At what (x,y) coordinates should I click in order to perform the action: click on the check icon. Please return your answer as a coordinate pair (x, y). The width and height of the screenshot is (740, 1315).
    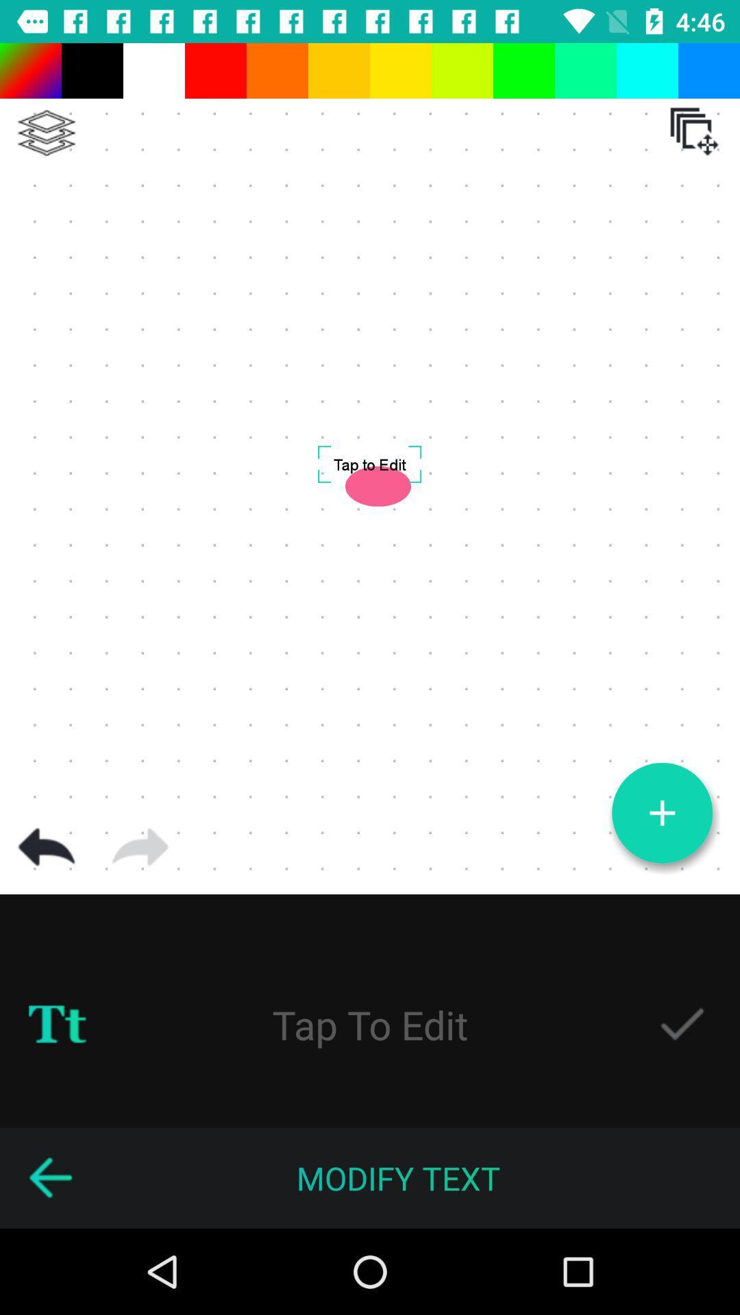
    Looking at the image, I should click on (682, 1025).